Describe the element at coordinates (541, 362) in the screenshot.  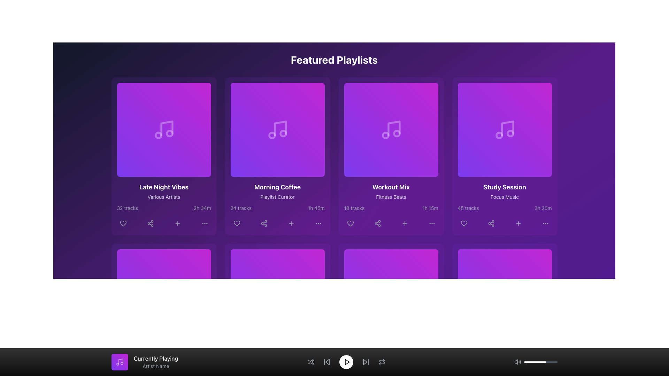
I see `the volume level` at that location.